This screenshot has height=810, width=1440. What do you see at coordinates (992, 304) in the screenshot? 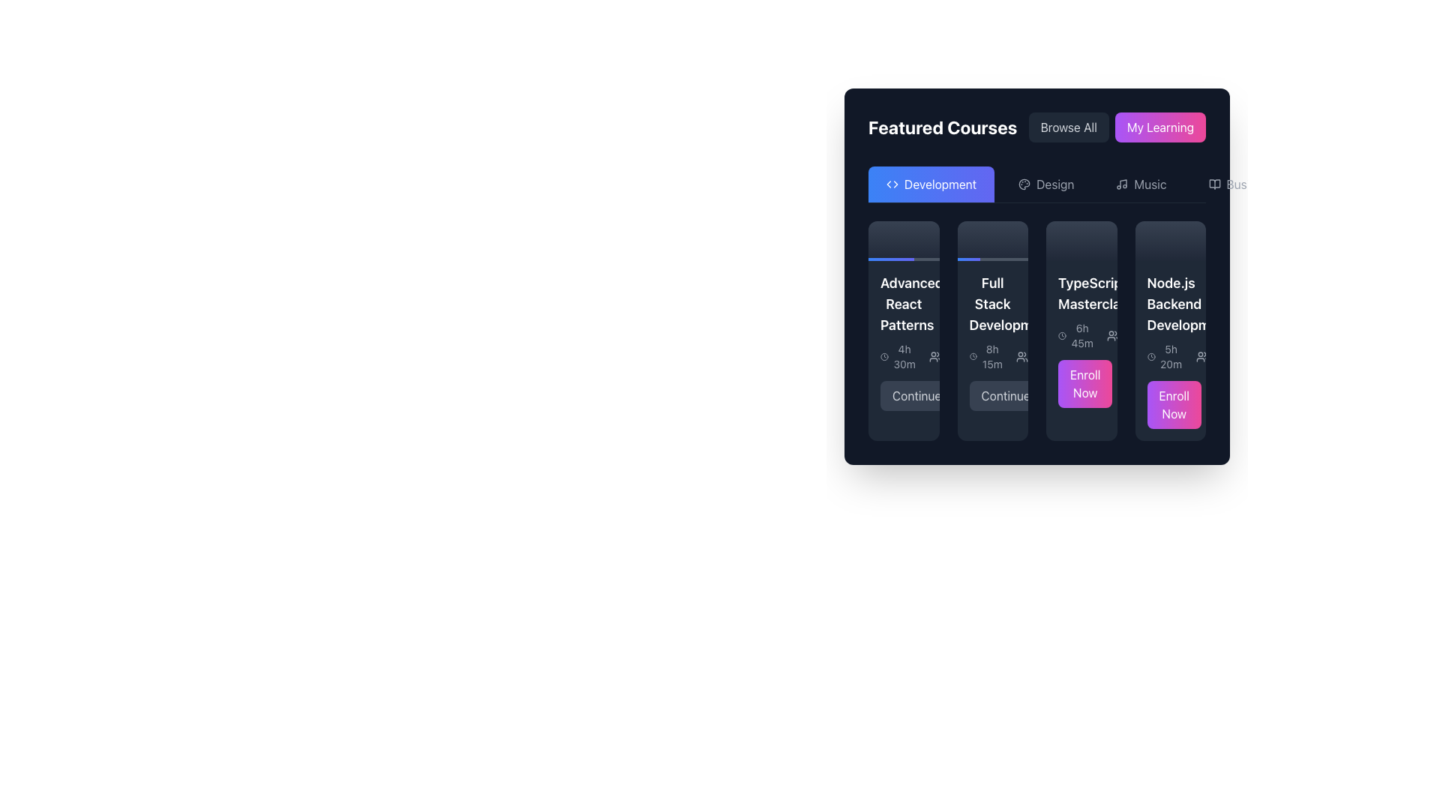
I see `the text label displaying 'Full Stack Development' in bold white font, located in the second card from the left under the 'Development' category` at bounding box center [992, 304].